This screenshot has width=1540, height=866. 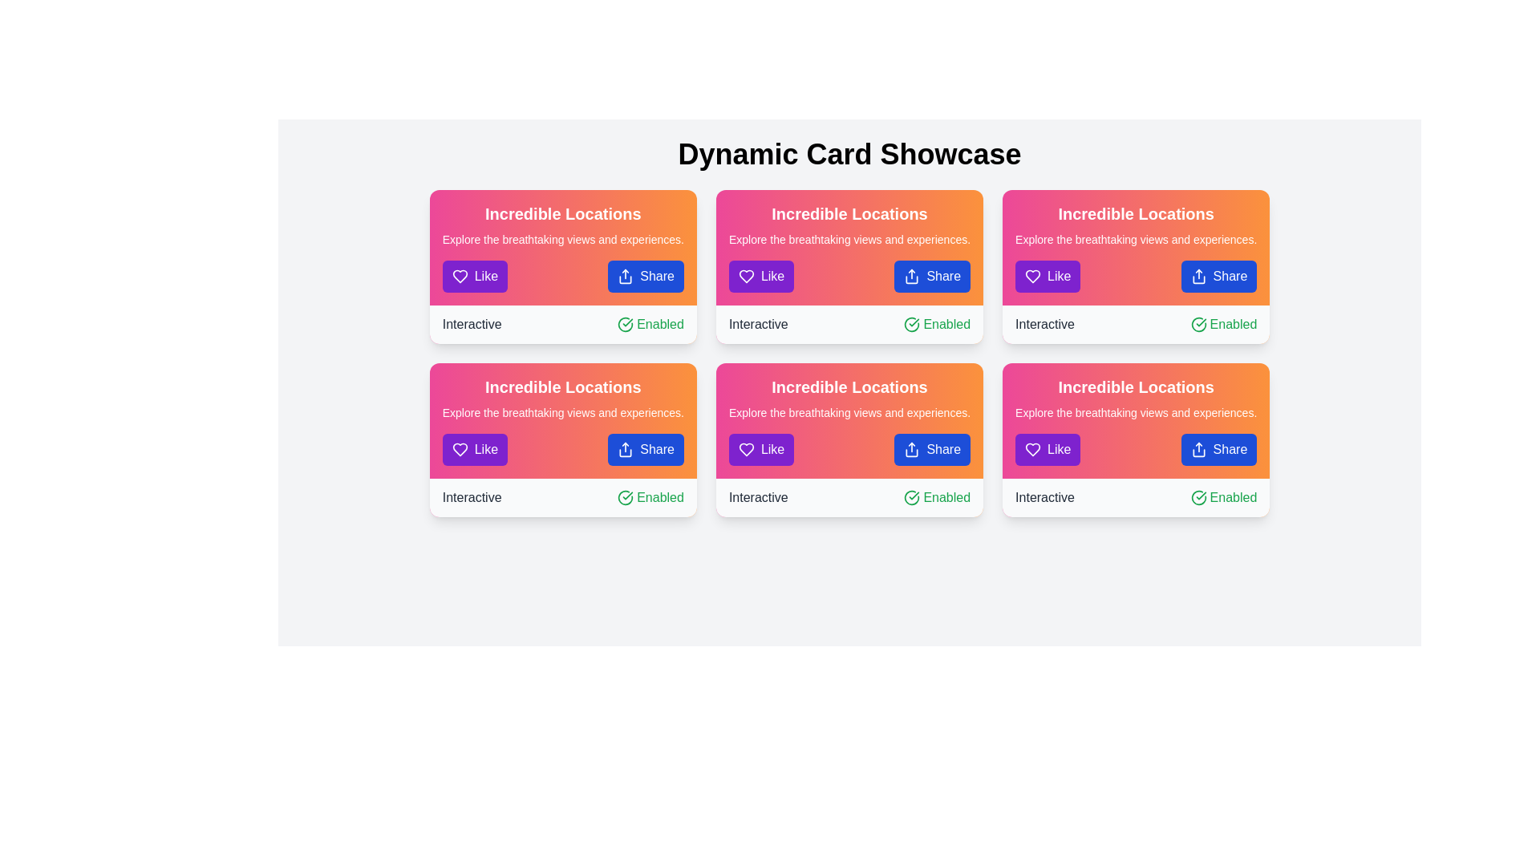 I want to click on the text element containing the phrase "Explore the breathtaking views and experiences," which is positioned centrally within the card layout, between the title and button group, so click(x=849, y=412).